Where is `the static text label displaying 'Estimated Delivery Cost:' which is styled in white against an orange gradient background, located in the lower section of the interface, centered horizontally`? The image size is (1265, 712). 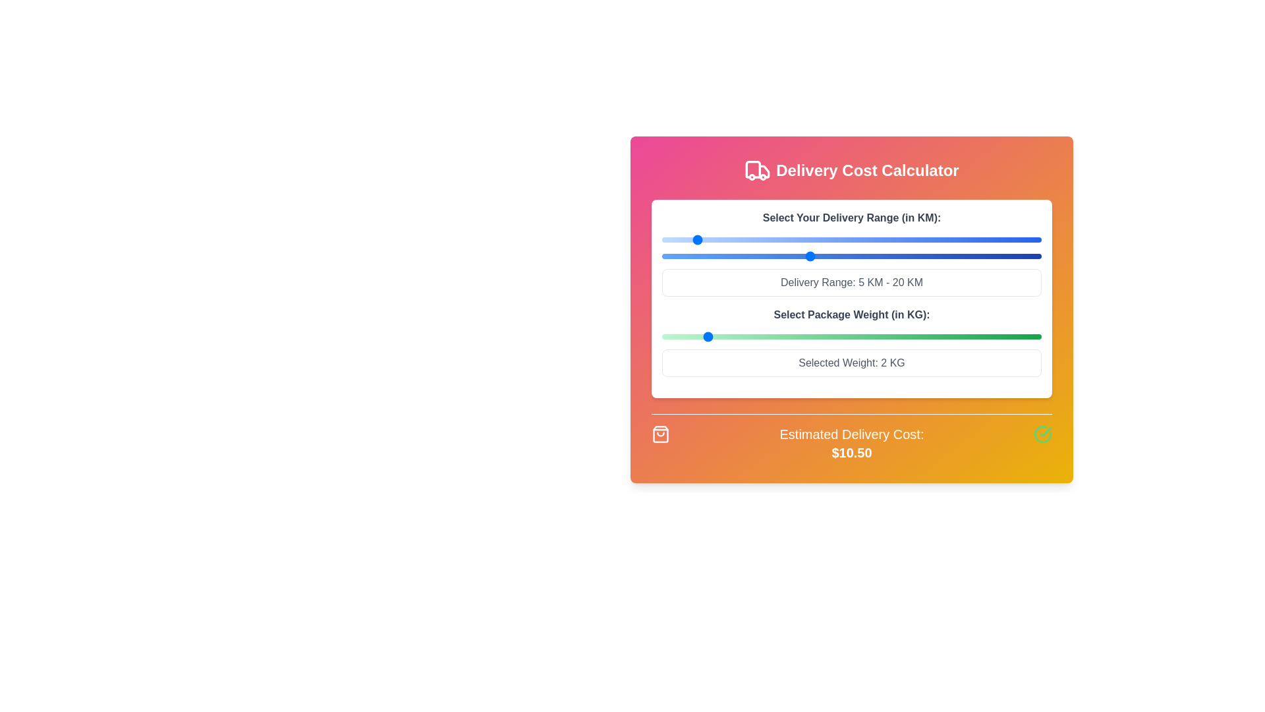
the static text label displaying 'Estimated Delivery Cost:' which is styled in white against an orange gradient background, located in the lower section of the interface, centered horizontally is located at coordinates (851, 434).